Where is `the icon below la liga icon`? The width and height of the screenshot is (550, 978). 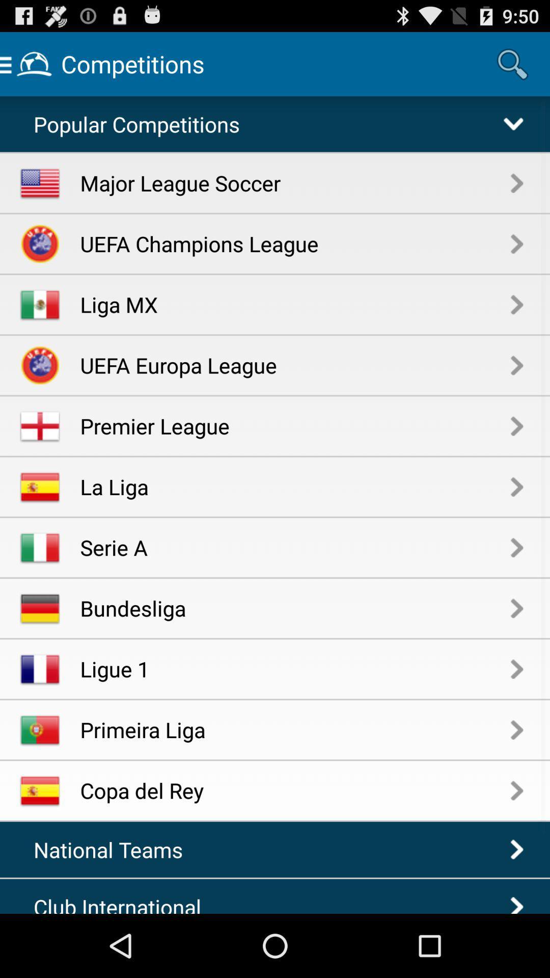 the icon below la liga icon is located at coordinates (295, 547).